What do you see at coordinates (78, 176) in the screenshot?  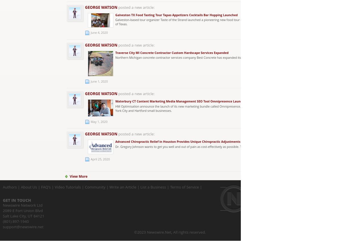 I see `'View More'` at bounding box center [78, 176].